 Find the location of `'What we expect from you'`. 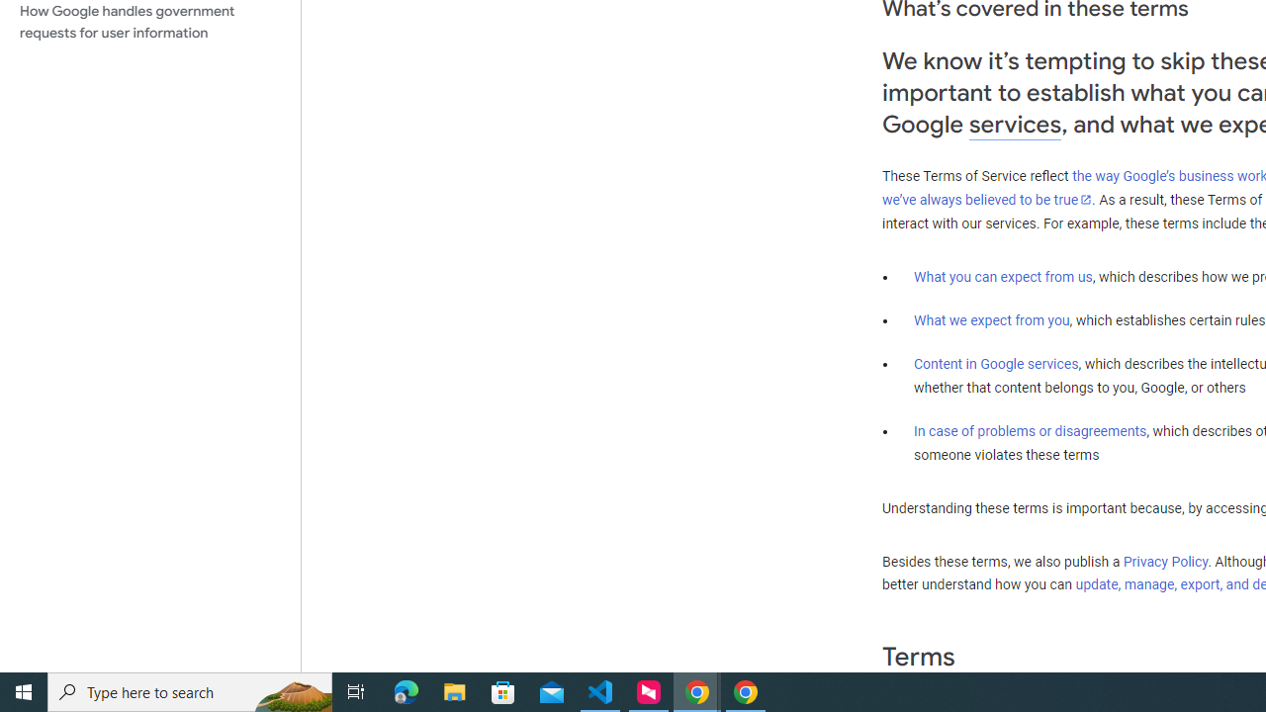

'What we expect from you' is located at coordinates (991, 319).